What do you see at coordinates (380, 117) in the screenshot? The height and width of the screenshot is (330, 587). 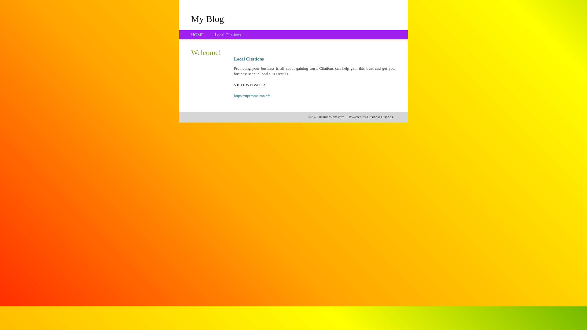 I see `'Business Listings'` at bounding box center [380, 117].